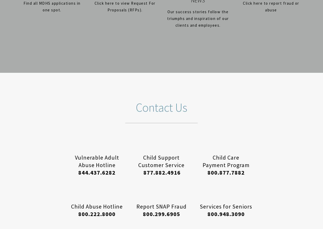 This screenshot has width=323, height=229. What do you see at coordinates (52, 6) in the screenshot?
I see `'Find all MDHS applications in one spot.'` at bounding box center [52, 6].